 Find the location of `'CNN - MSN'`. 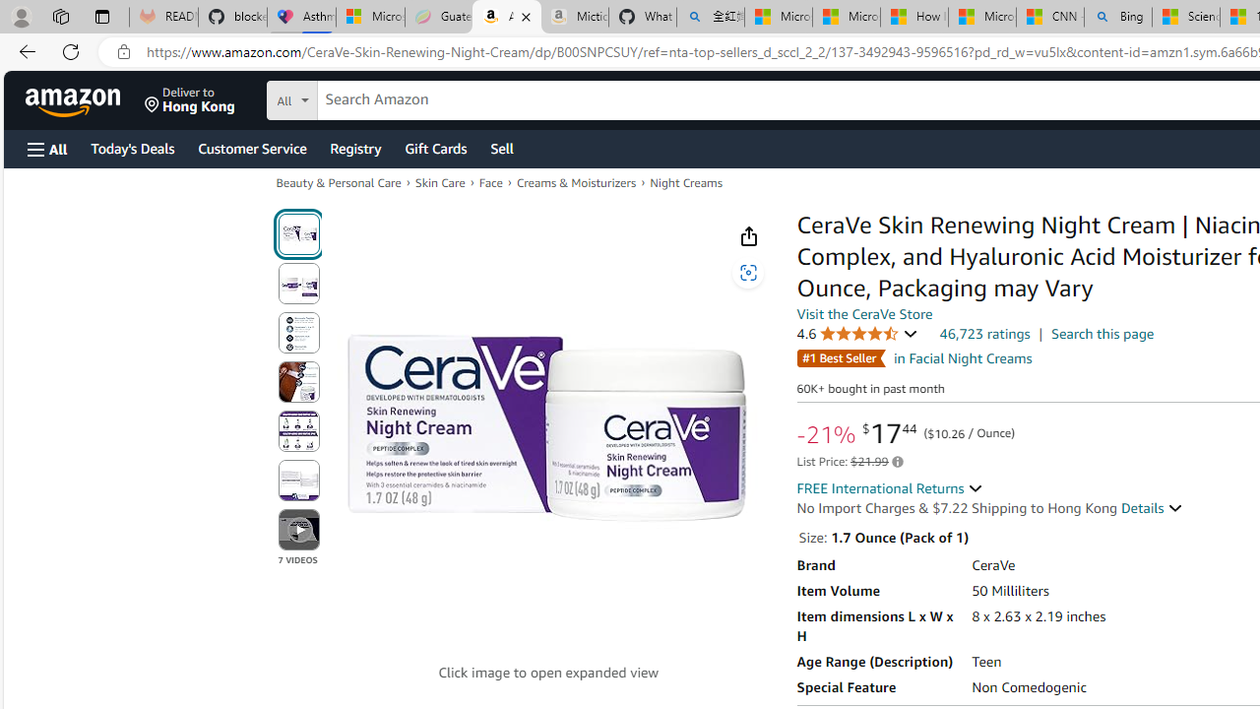

'CNN - MSN' is located at coordinates (1048, 17).